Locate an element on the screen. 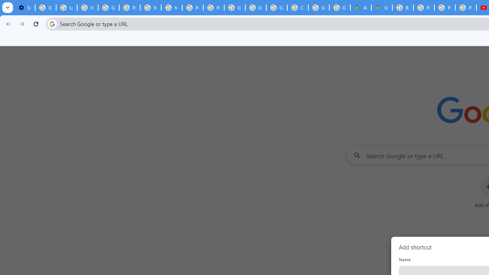 This screenshot has height=275, width=489. 'Search icon' is located at coordinates (52, 23).